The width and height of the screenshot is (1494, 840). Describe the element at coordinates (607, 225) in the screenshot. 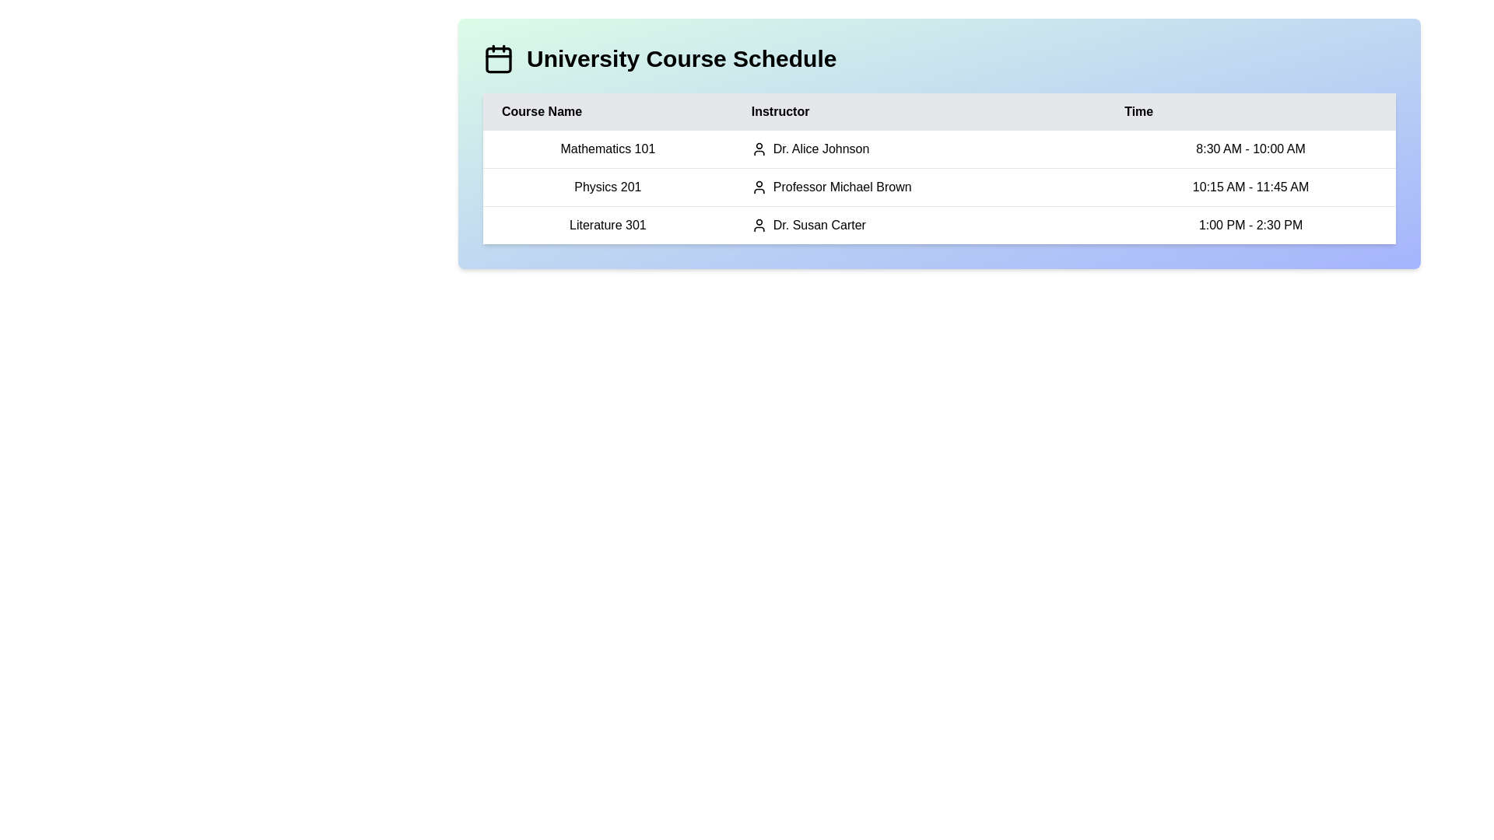

I see `the static text label displaying 'Literature 301' in the course schedule table, located in the first column of the third row` at that location.